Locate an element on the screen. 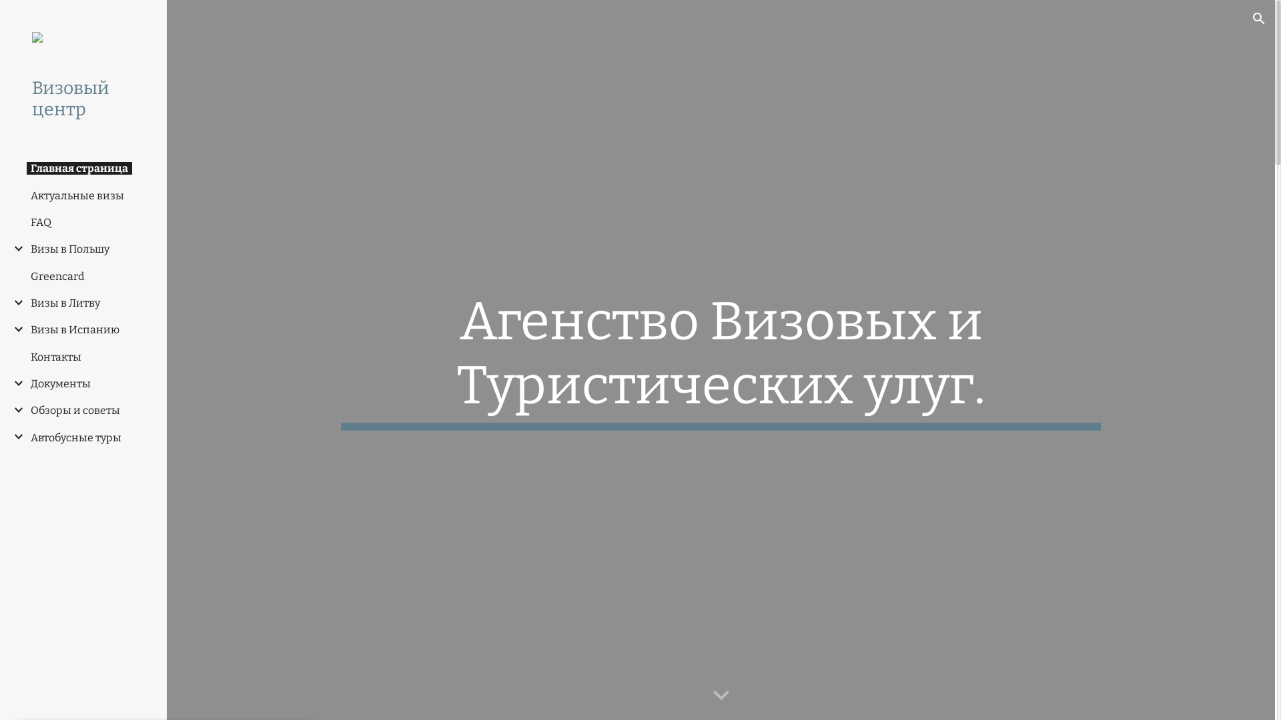 This screenshot has height=720, width=1281. 'Expand/Collapse' is located at coordinates (15, 249).